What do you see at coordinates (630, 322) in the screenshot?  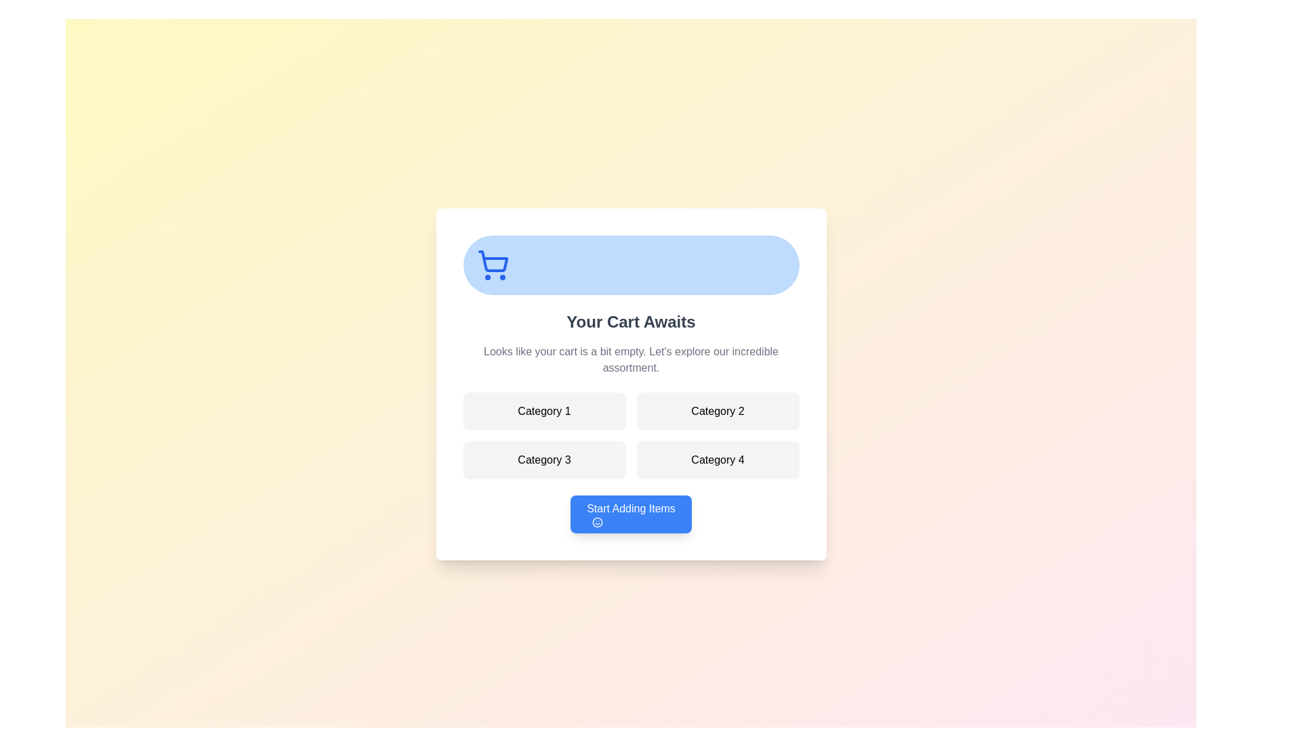 I see `the Static Text Header that reads 'Your Cart Awaits', which is bold and large-sized, styled in gray, located centrally beneath a shopping cart icon` at bounding box center [630, 322].